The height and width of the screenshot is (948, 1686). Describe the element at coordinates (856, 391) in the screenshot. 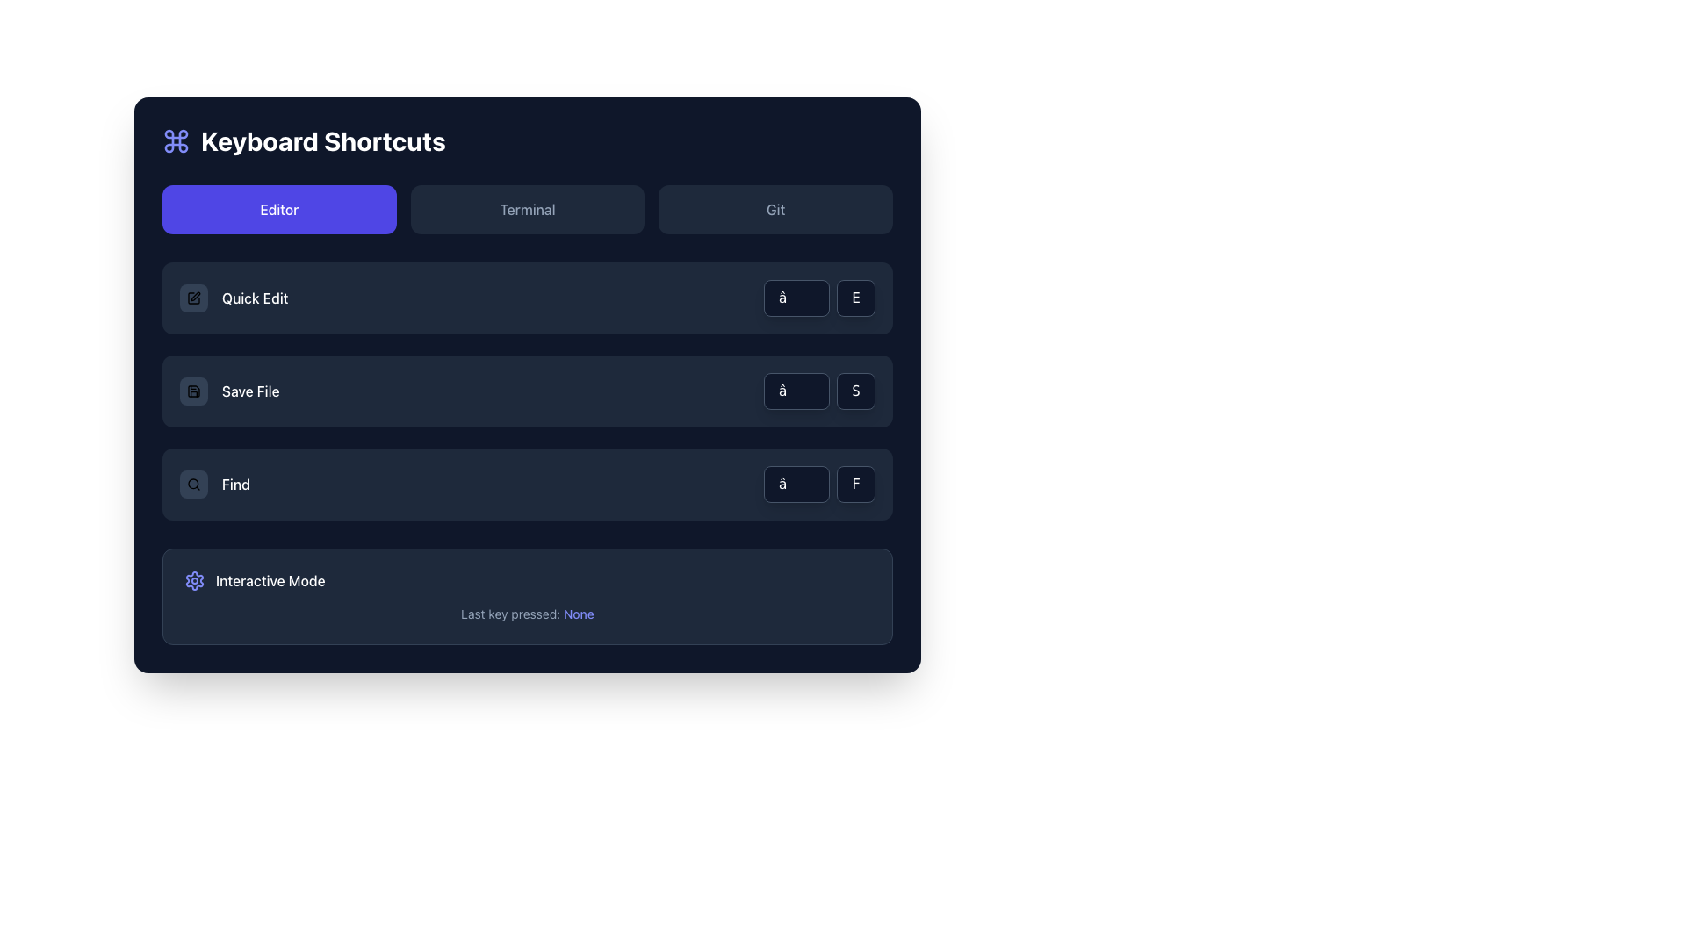

I see `the keyboard shortcut button for the command 'S', which is the second button in the 'Save File' row, visually representing a keyboard shortcut key` at that location.